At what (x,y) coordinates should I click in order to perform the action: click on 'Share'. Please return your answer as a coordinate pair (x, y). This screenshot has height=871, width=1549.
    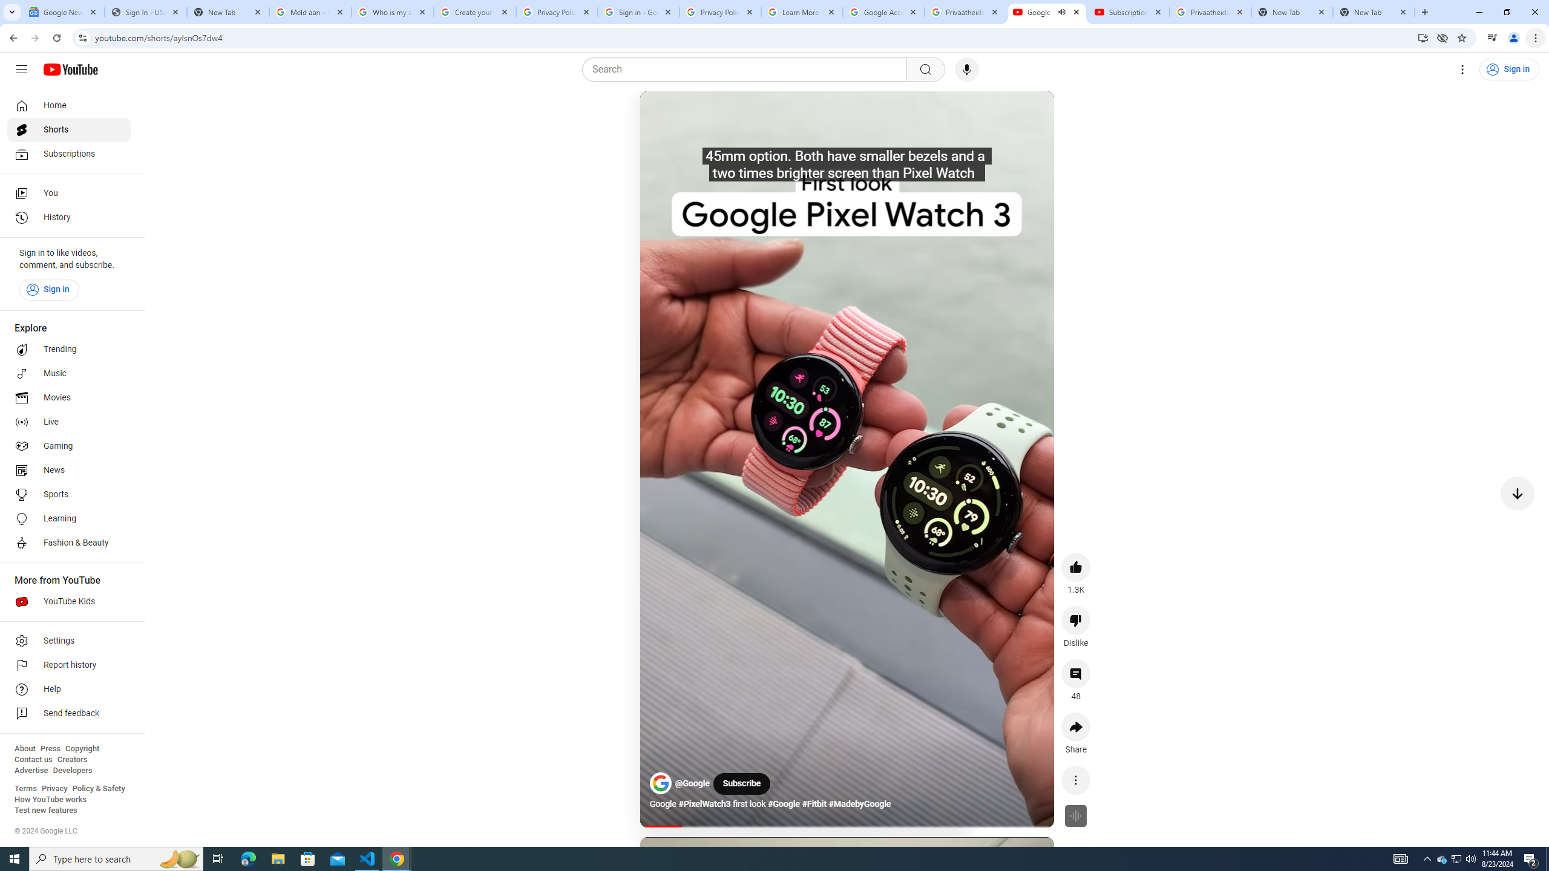
    Looking at the image, I should click on (1075, 726).